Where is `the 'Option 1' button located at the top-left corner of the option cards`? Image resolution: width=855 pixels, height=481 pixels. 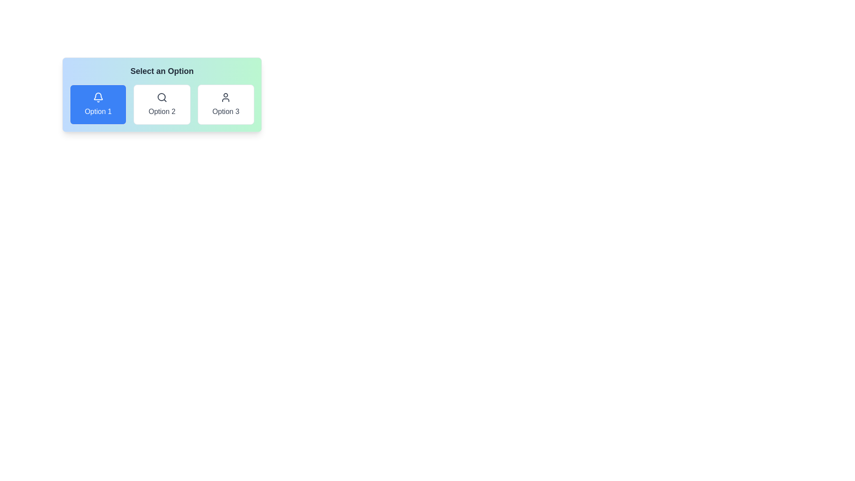 the 'Option 1' button located at the top-left corner of the option cards is located at coordinates (98, 104).